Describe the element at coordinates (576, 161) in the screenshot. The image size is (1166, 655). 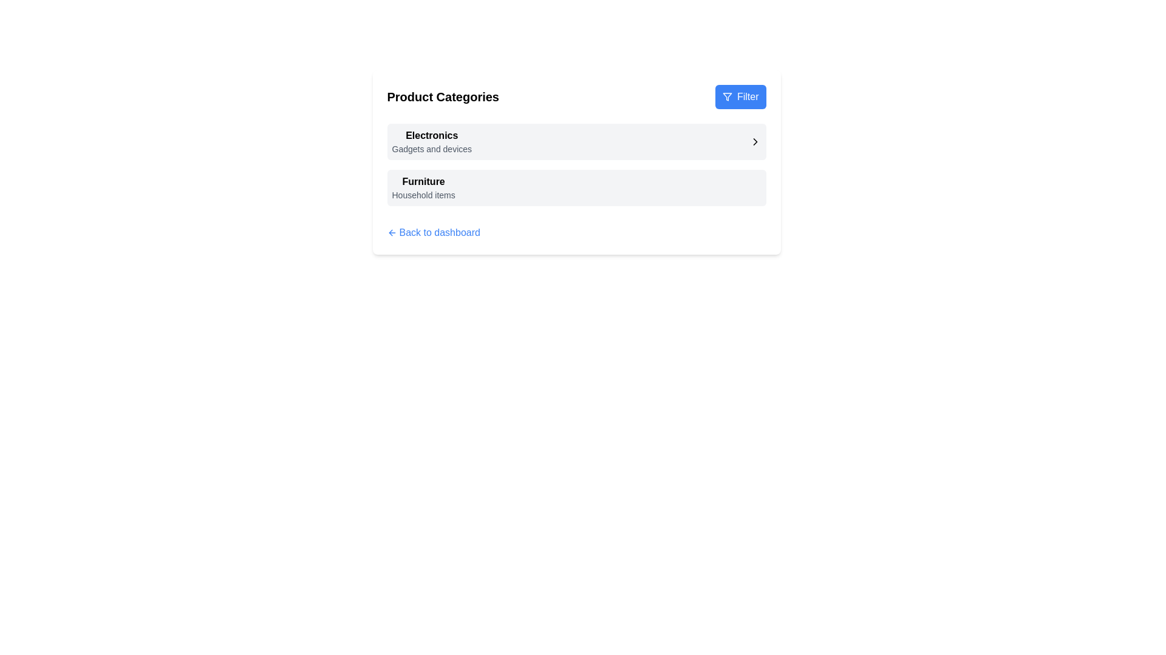
I see `the second list item in the 'Product Categories' panel, located beneath the title and aligned with the 'Filter' button` at that location.